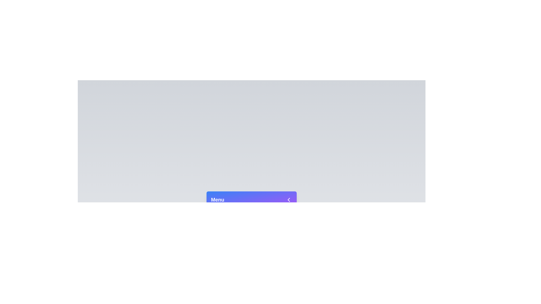 This screenshot has height=304, width=541. I want to click on the arrow button to toggle the menu, so click(289, 199).